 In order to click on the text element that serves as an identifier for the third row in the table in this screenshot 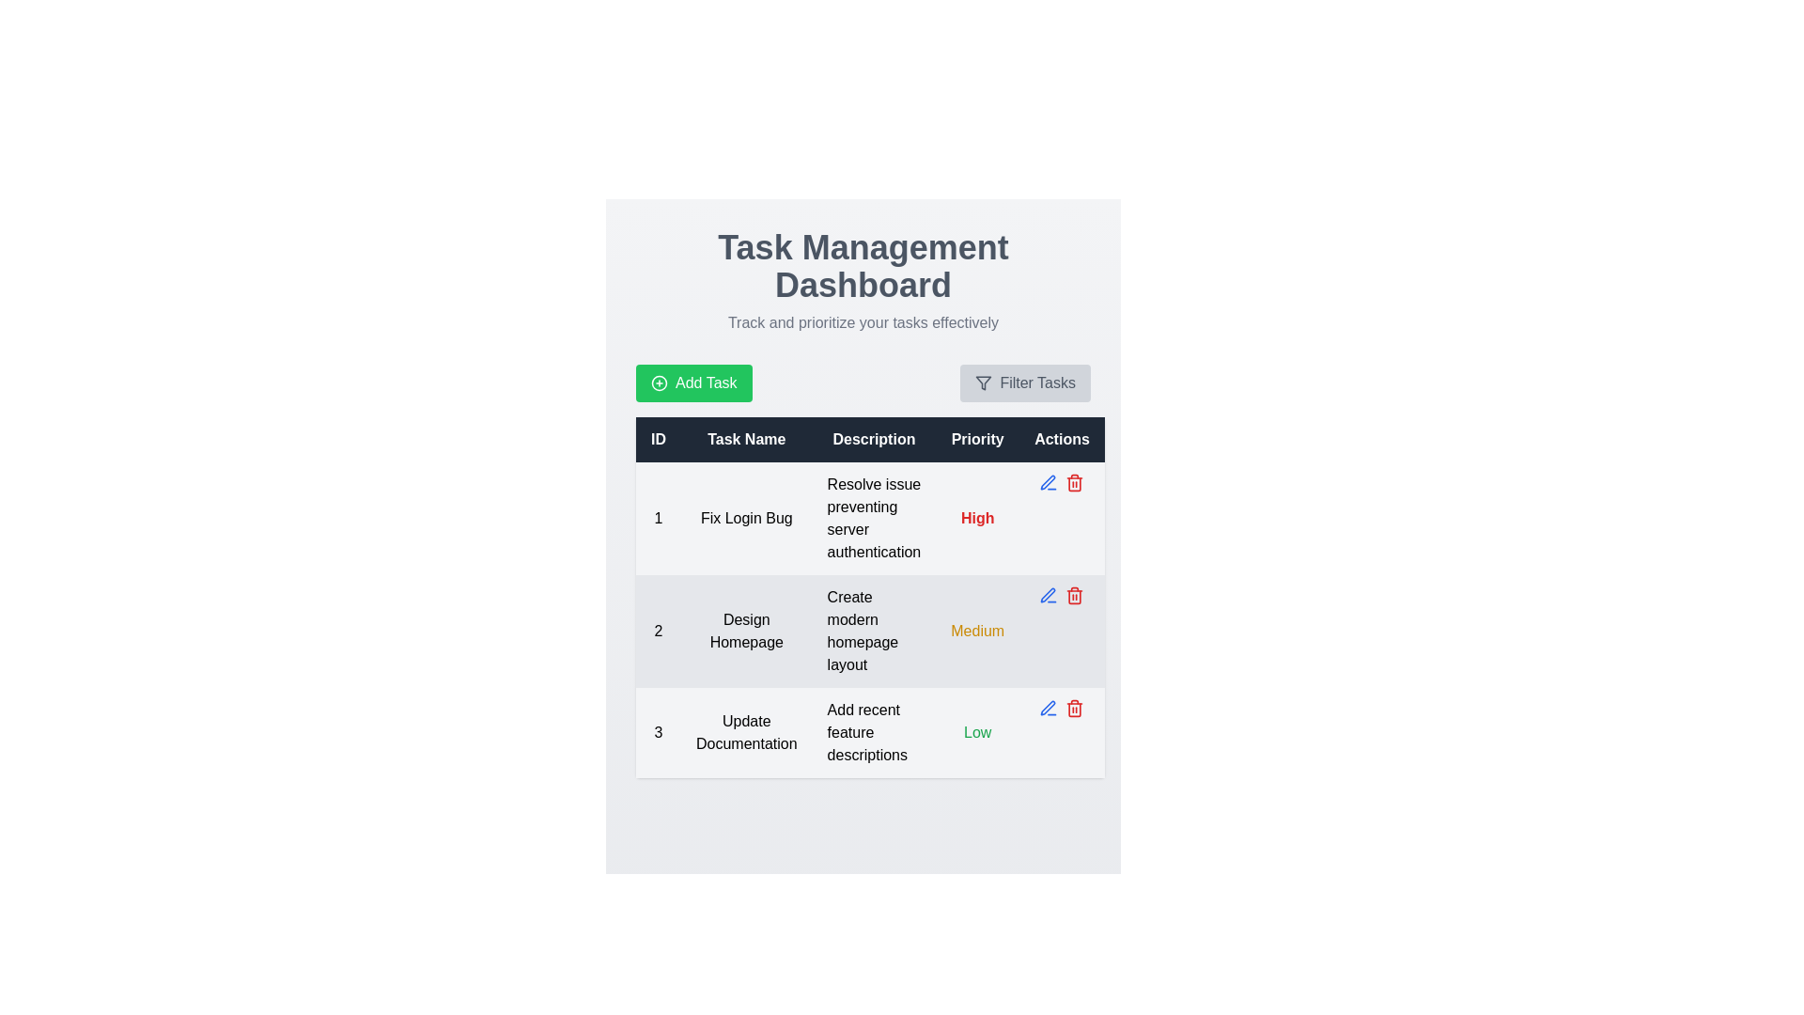, I will do `click(658, 731)`.